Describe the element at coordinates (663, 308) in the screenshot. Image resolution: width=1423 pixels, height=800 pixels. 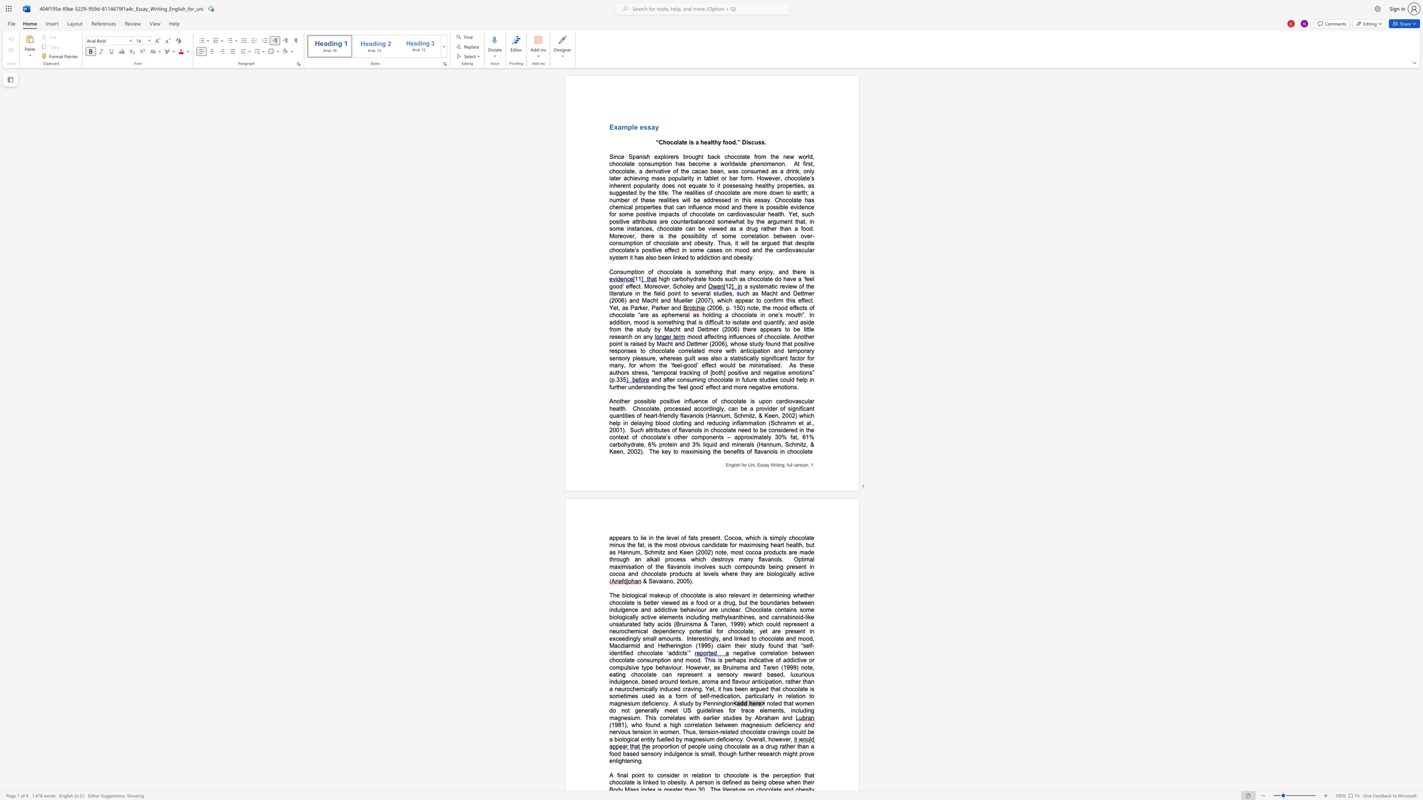
I see `the subset text "er an" within the text "this effect. Yet, as Parker, Parker and"` at that location.